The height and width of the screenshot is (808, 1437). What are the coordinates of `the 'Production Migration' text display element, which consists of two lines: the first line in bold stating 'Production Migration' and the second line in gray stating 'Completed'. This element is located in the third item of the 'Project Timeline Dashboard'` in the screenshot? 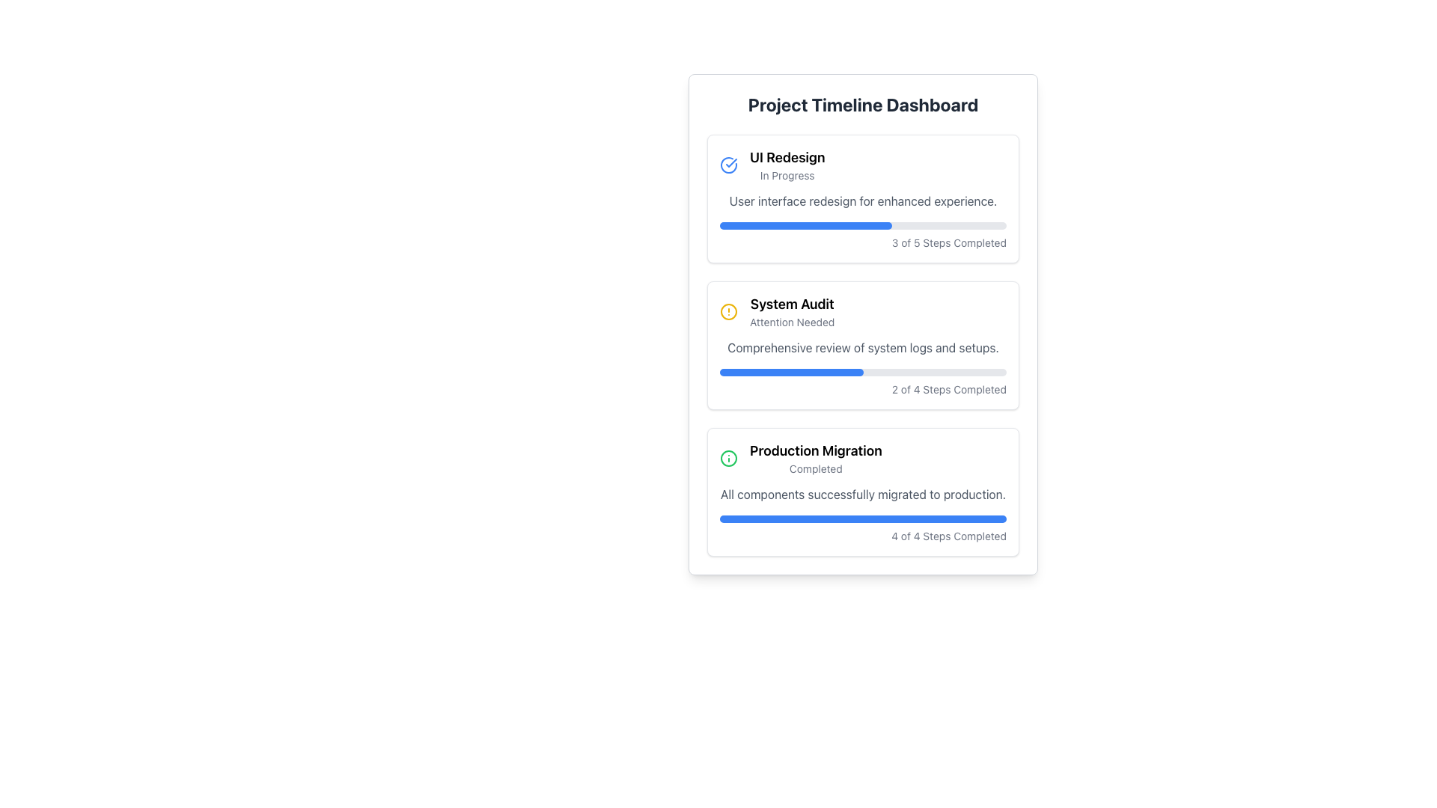 It's located at (815, 458).